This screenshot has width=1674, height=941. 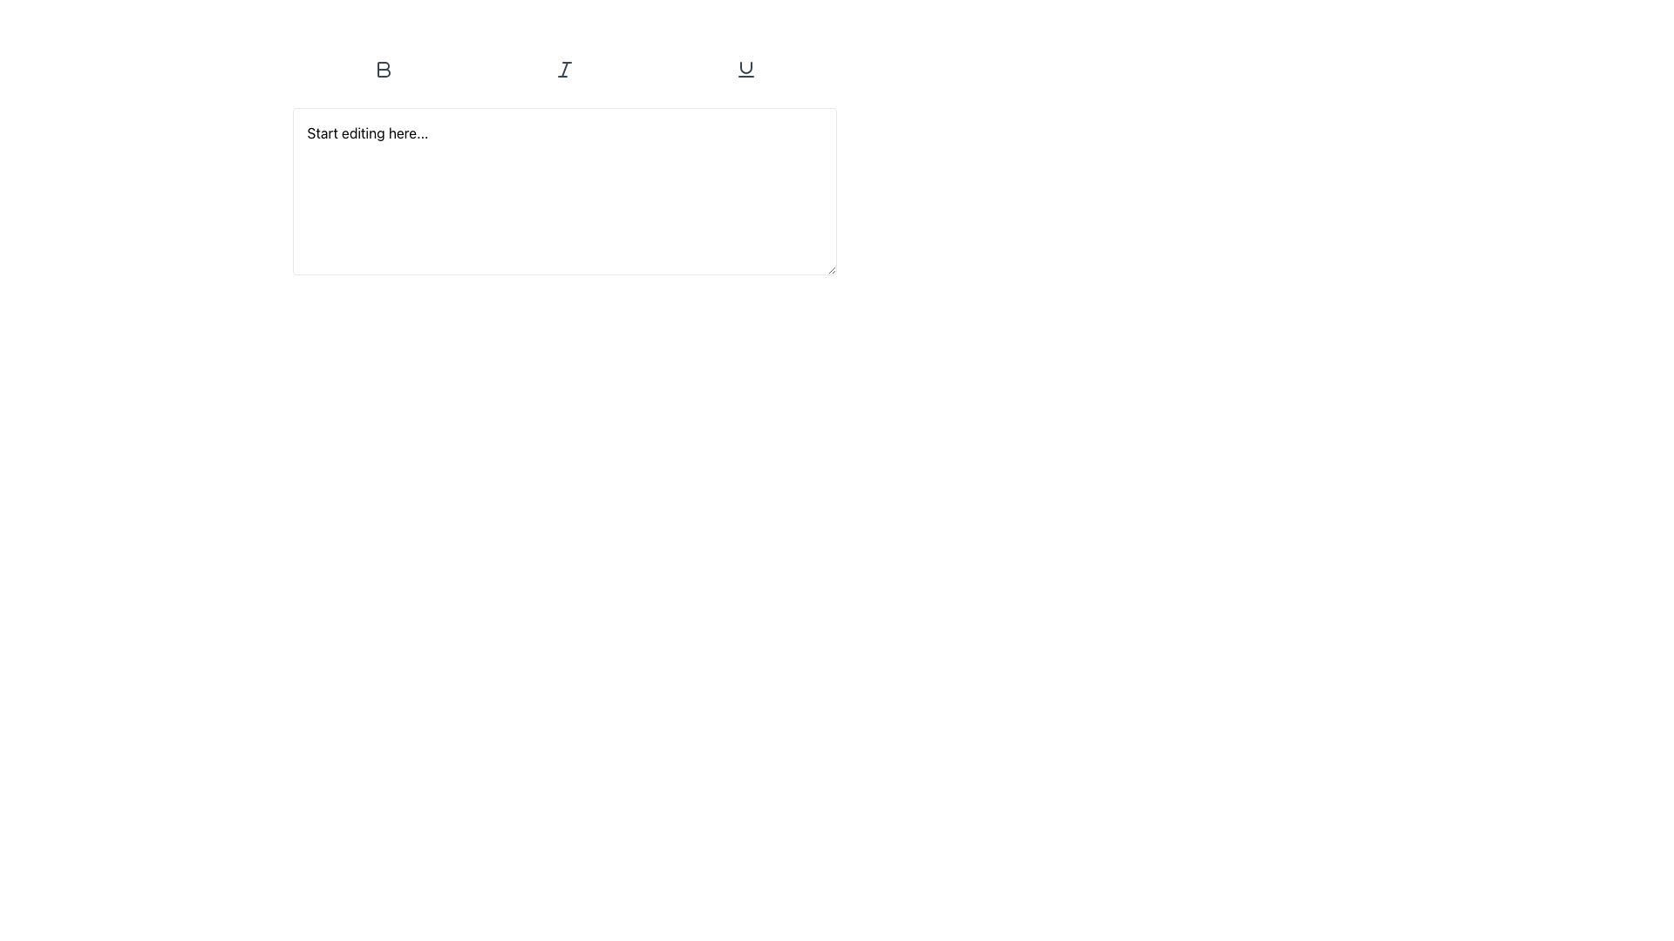 What do you see at coordinates (382, 69) in the screenshot?
I see `the circular button with a bold 'B' icon in its center, located at the top left of the text editing section, to bring up context-specific options` at bounding box center [382, 69].